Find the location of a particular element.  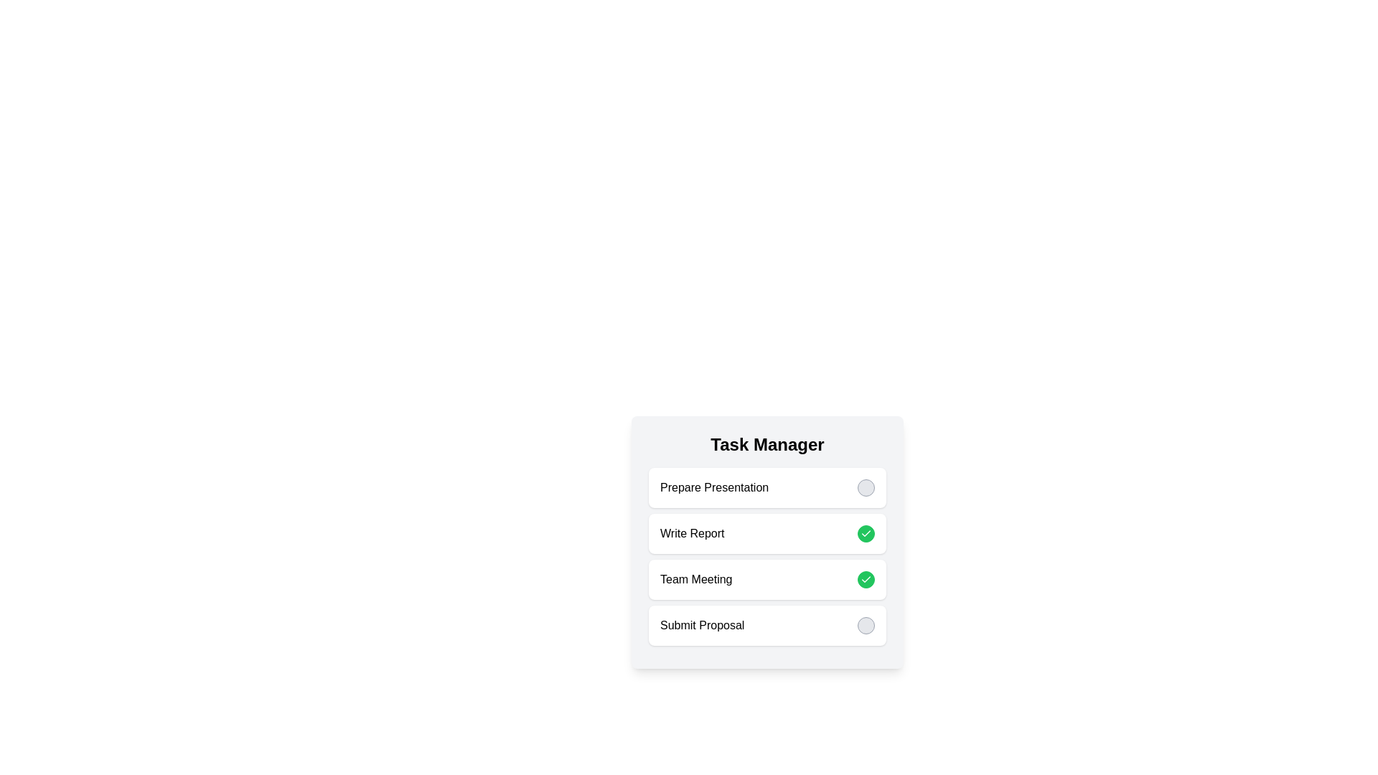

the task name Team Meeting to select it is located at coordinates (696, 578).